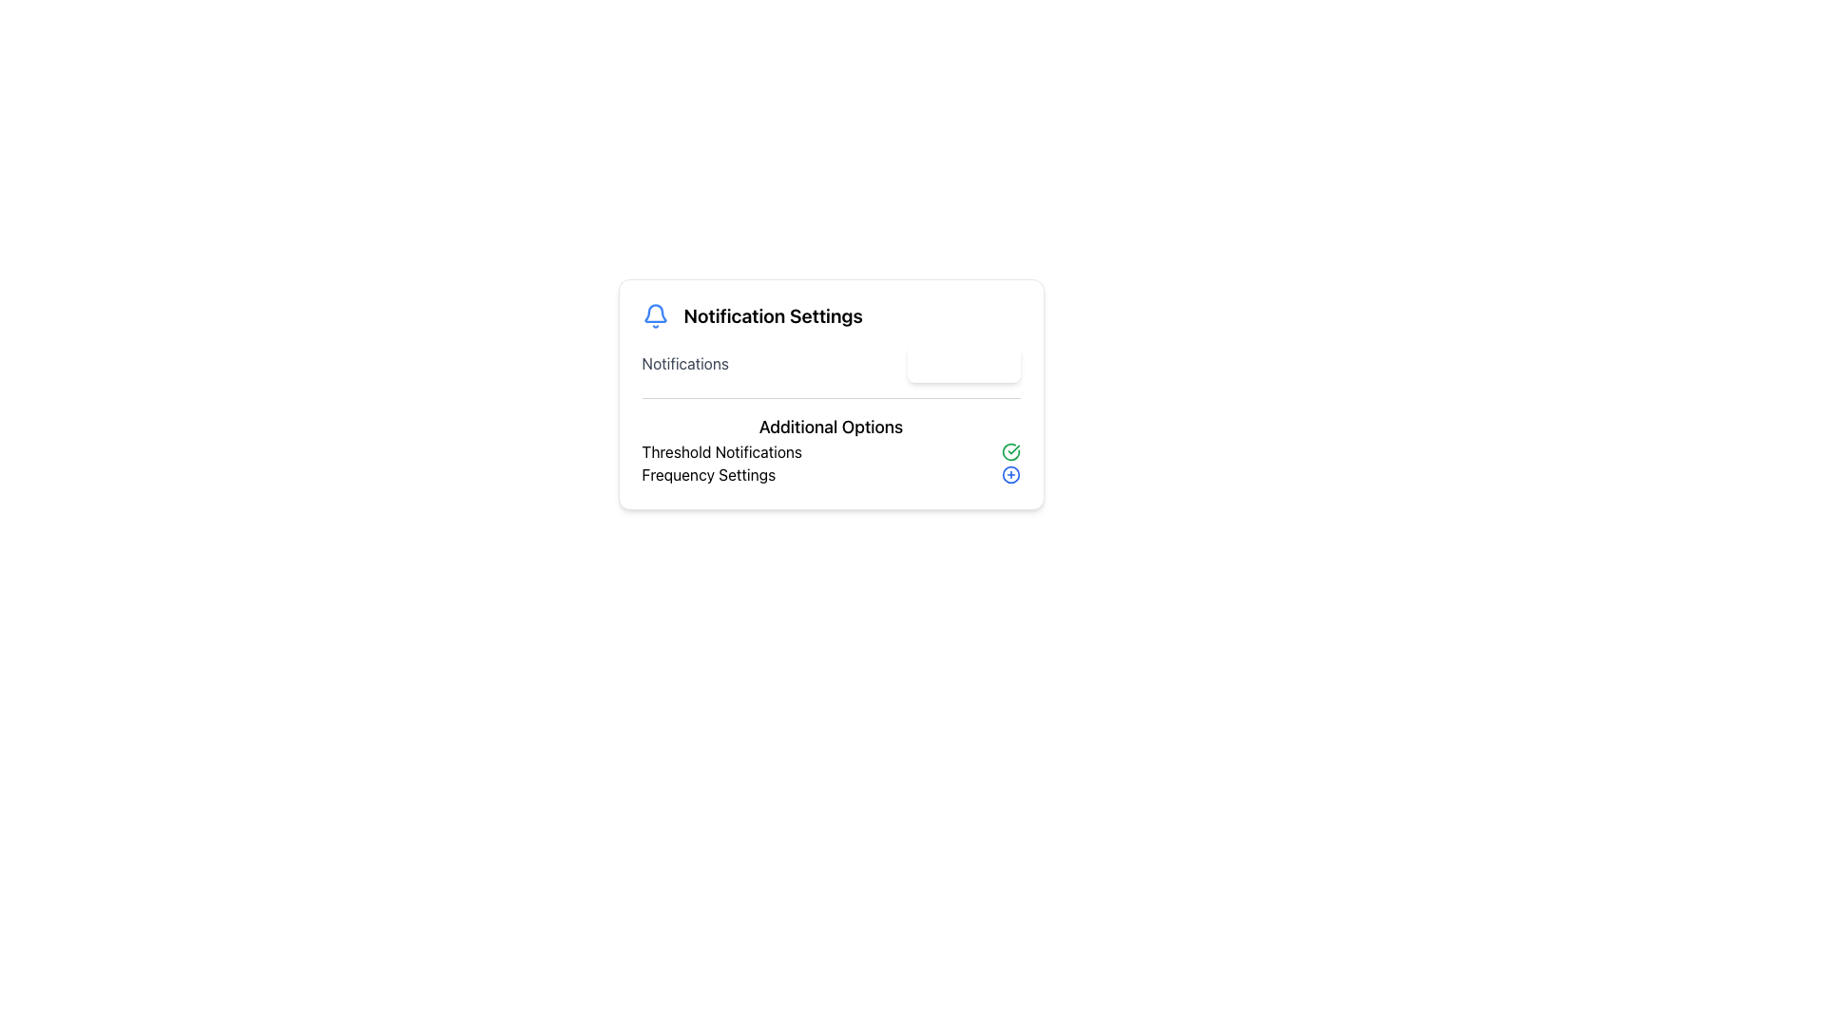 The height and width of the screenshot is (1026, 1825). What do you see at coordinates (684, 363) in the screenshot?
I see `the Text Label that indicates the section for notifications, which is located to the far left among its sibling elements` at bounding box center [684, 363].